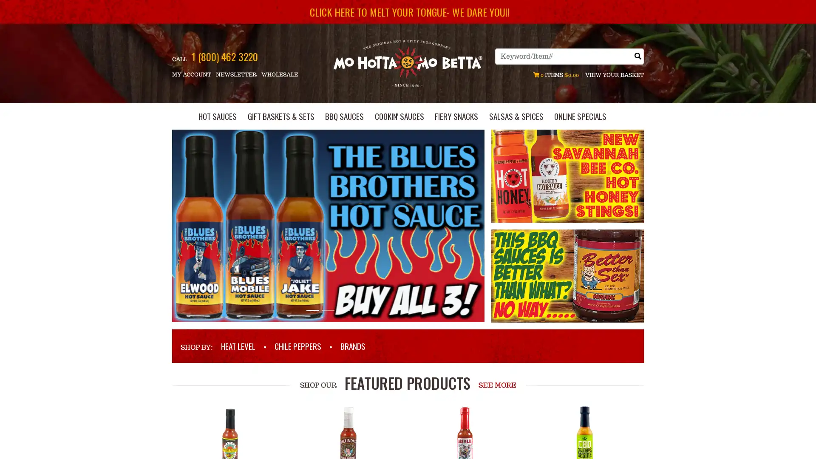 The width and height of the screenshot is (816, 459). Describe the element at coordinates (638, 56) in the screenshot. I see `Search` at that location.